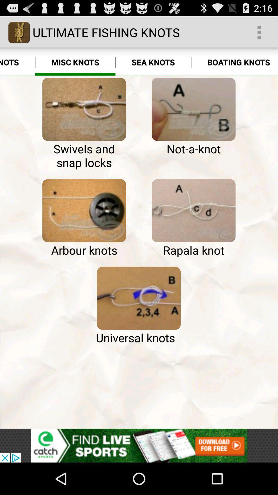 Image resolution: width=278 pixels, height=495 pixels. Describe the element at coordinates (259, 32) in the screenshot. I see `the app above boating knots` at that location.